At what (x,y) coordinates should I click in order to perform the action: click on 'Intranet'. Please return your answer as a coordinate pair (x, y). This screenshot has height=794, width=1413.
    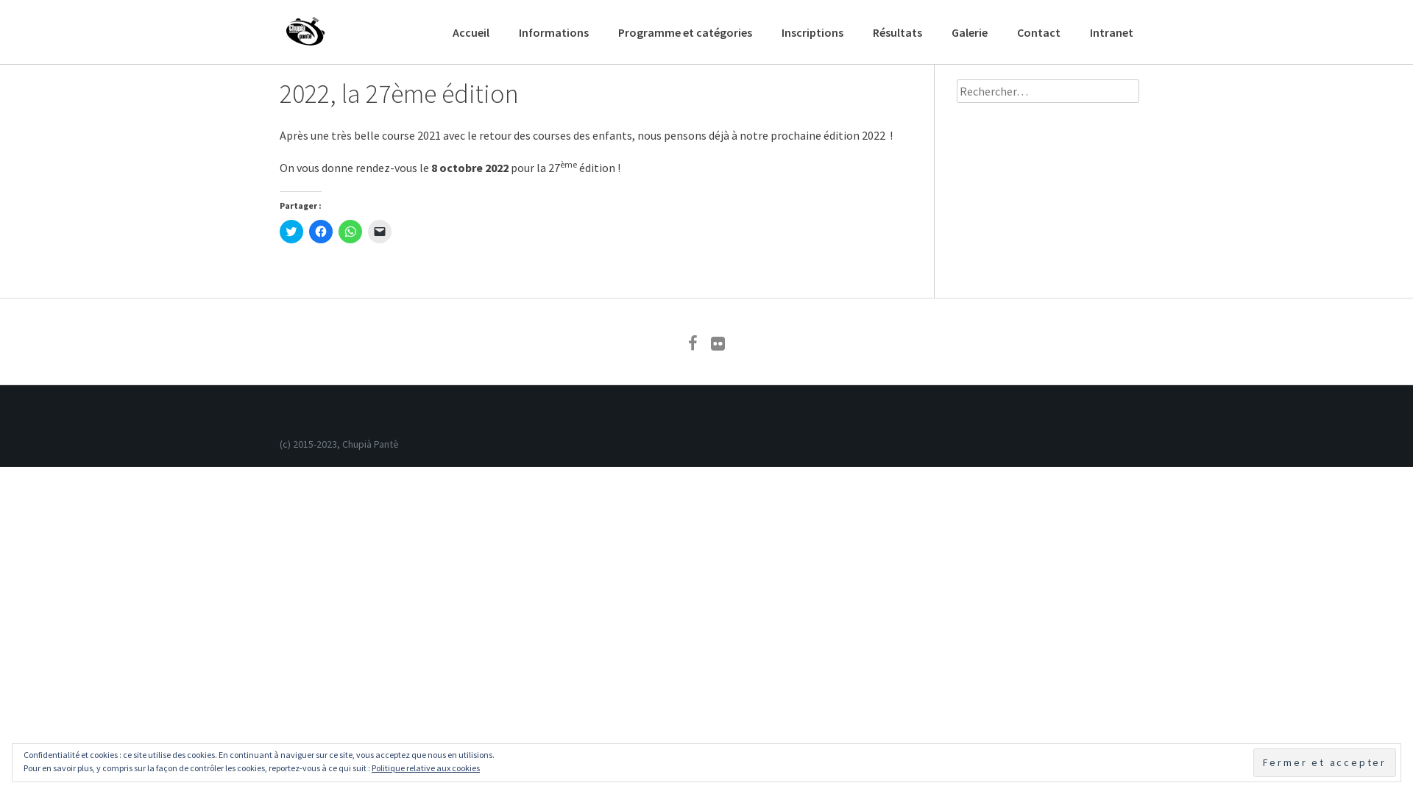
    Looking at the image, I should click on (1111, 32).